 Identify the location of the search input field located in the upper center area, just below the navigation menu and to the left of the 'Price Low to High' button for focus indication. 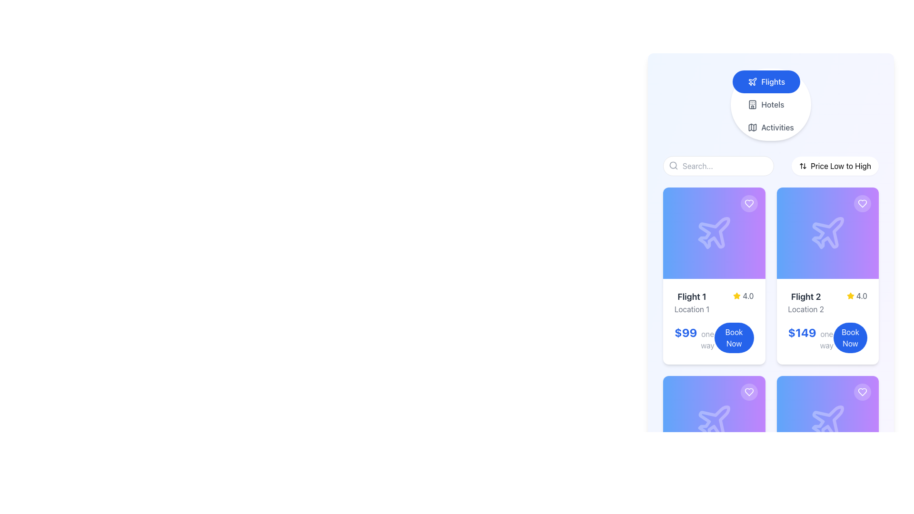
(718, 165).